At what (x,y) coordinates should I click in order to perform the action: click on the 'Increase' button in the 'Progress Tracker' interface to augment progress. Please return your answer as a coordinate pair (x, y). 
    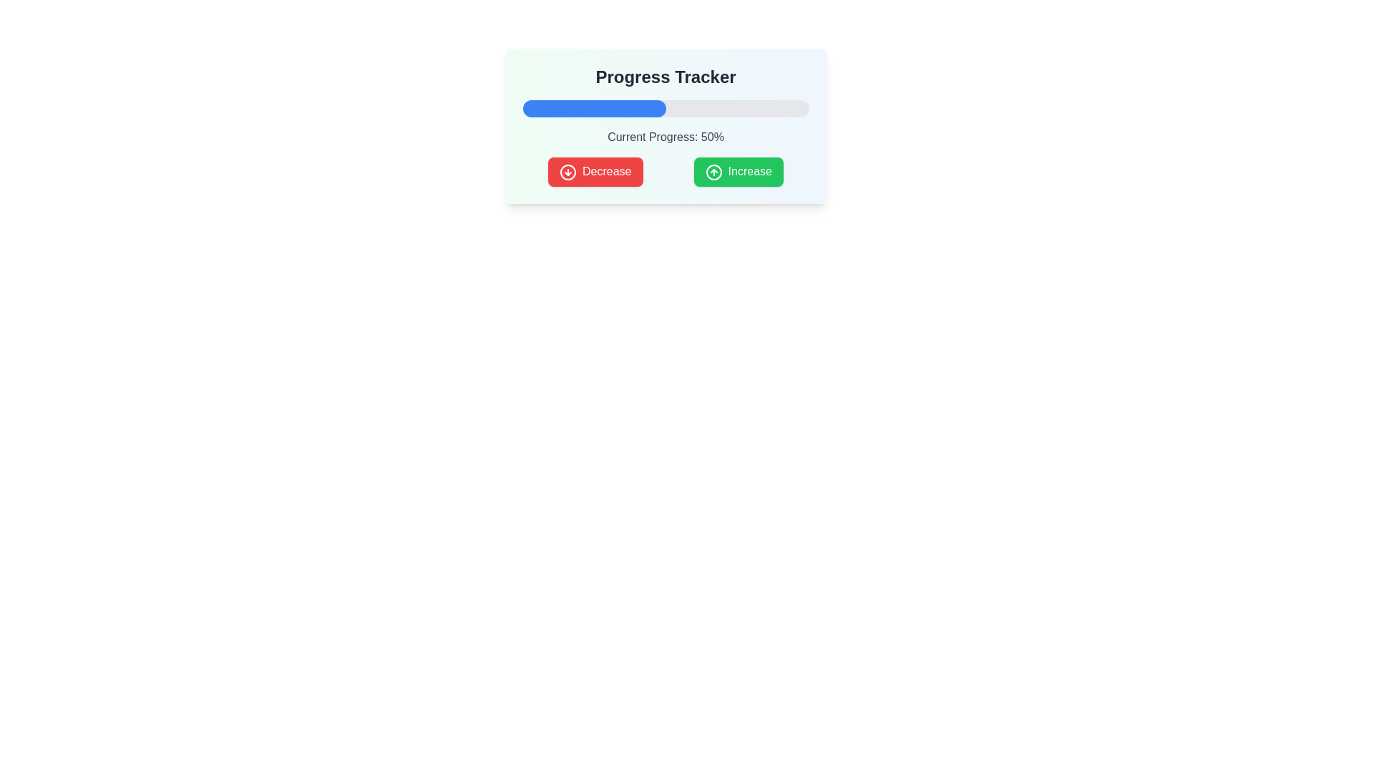
    Looking at the image, I should click on (665, 171).